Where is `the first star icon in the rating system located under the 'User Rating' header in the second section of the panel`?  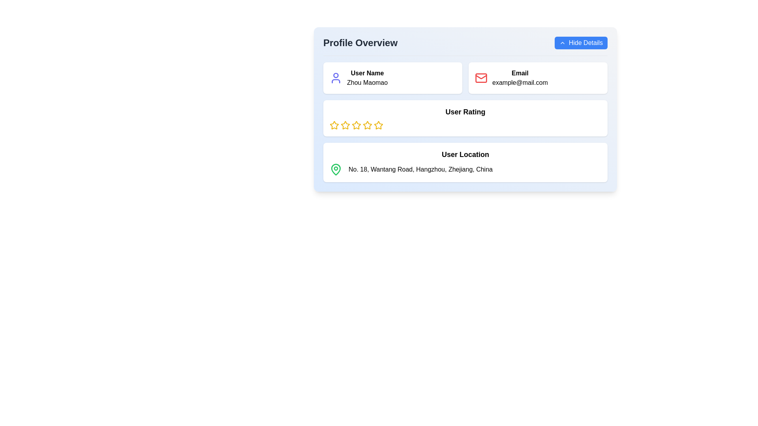 the first star icon in the rating system located under the 'User Rating' header in the second section of the panel is located at coordinates (334, 125).